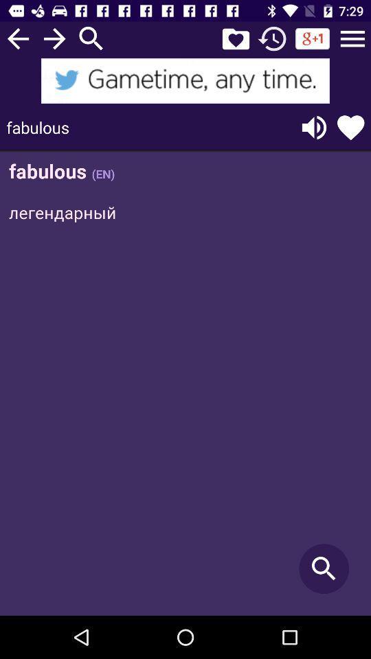 This screenshot has height=659, width=371. Describe the element at coordinates (235, 38) in the screenshot. I see `the favorite icon` at that location.